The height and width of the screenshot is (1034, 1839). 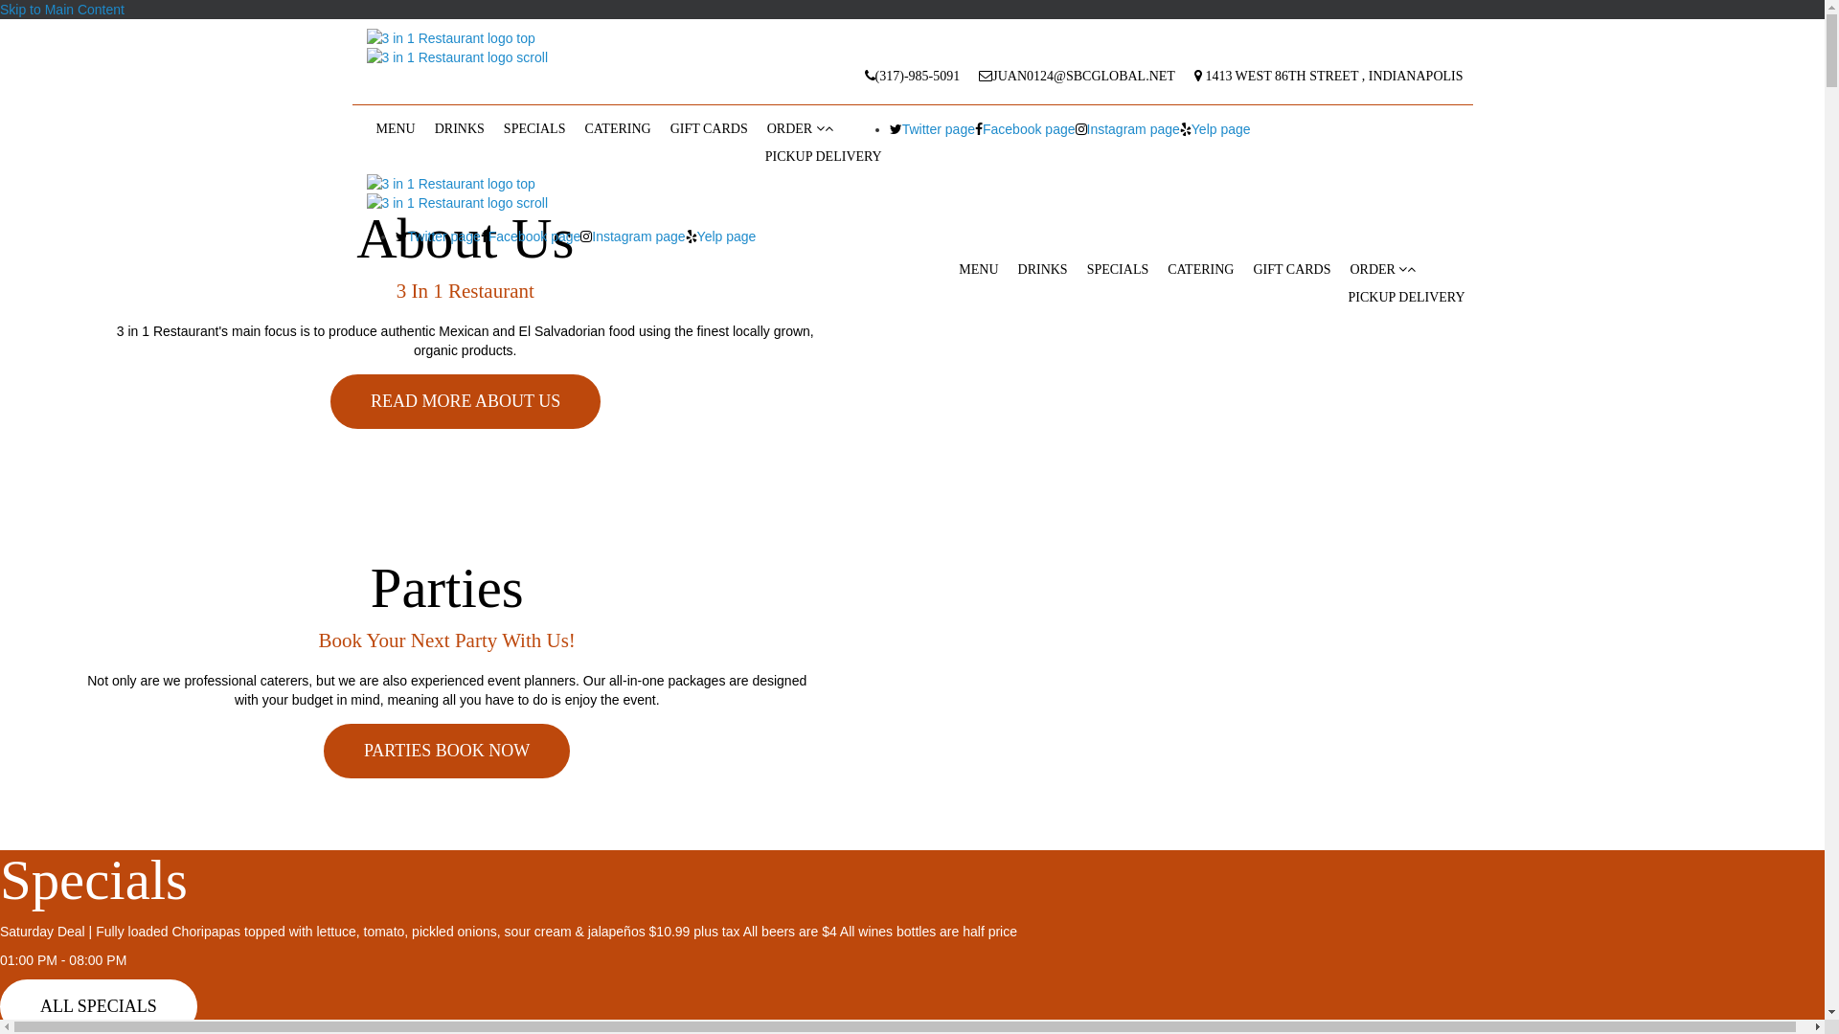 I want to click on 'MENU', so click(x=978, y=269).